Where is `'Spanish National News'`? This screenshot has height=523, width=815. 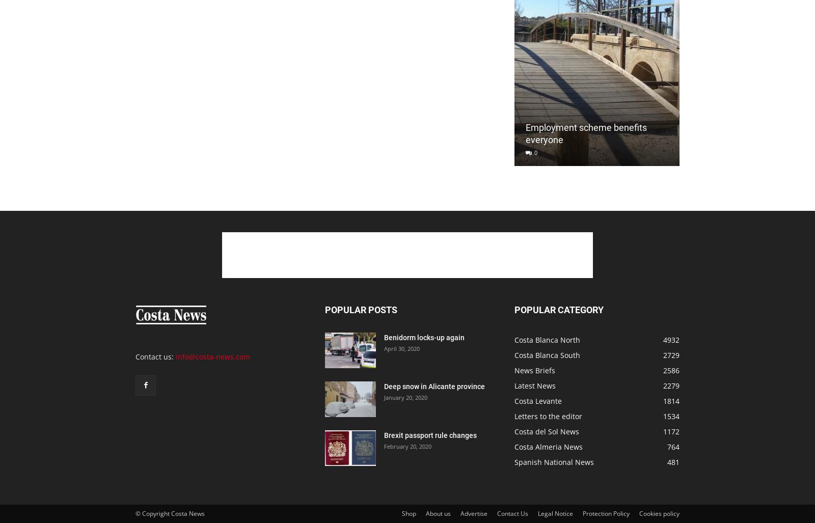
'Spanish National News' is located at coordinates (554, 461).